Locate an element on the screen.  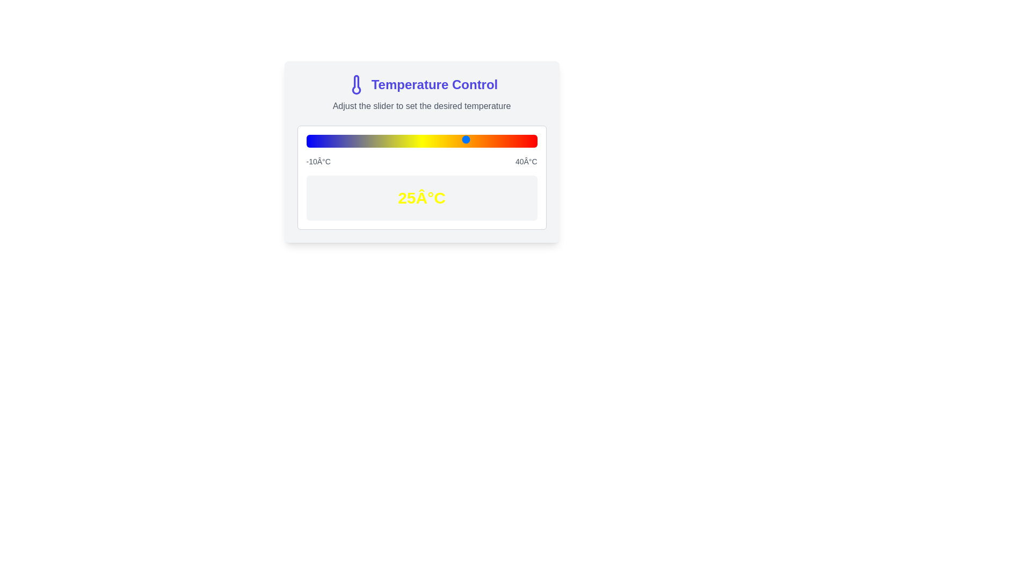
the temperature slider to set the temperature to 30°C is located at coordinates (490, 139).